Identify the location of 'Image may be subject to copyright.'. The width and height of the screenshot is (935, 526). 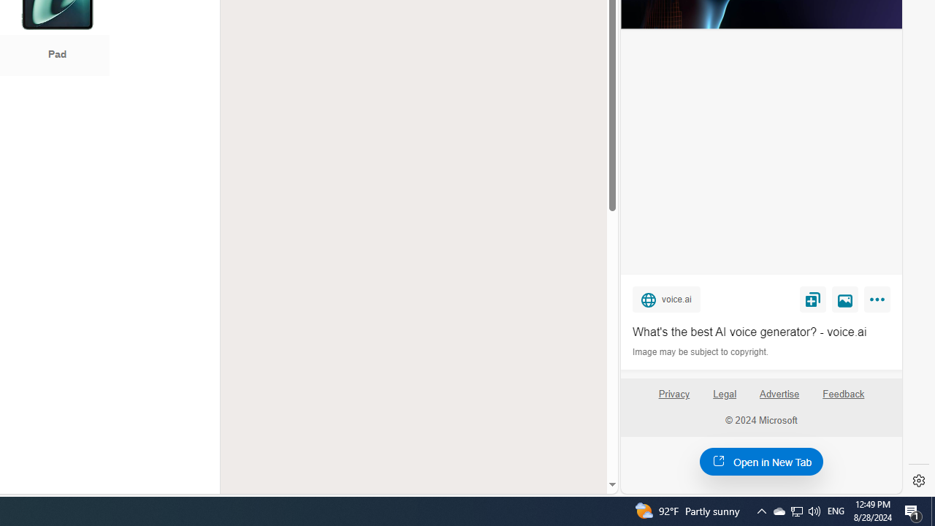
(701, 352).